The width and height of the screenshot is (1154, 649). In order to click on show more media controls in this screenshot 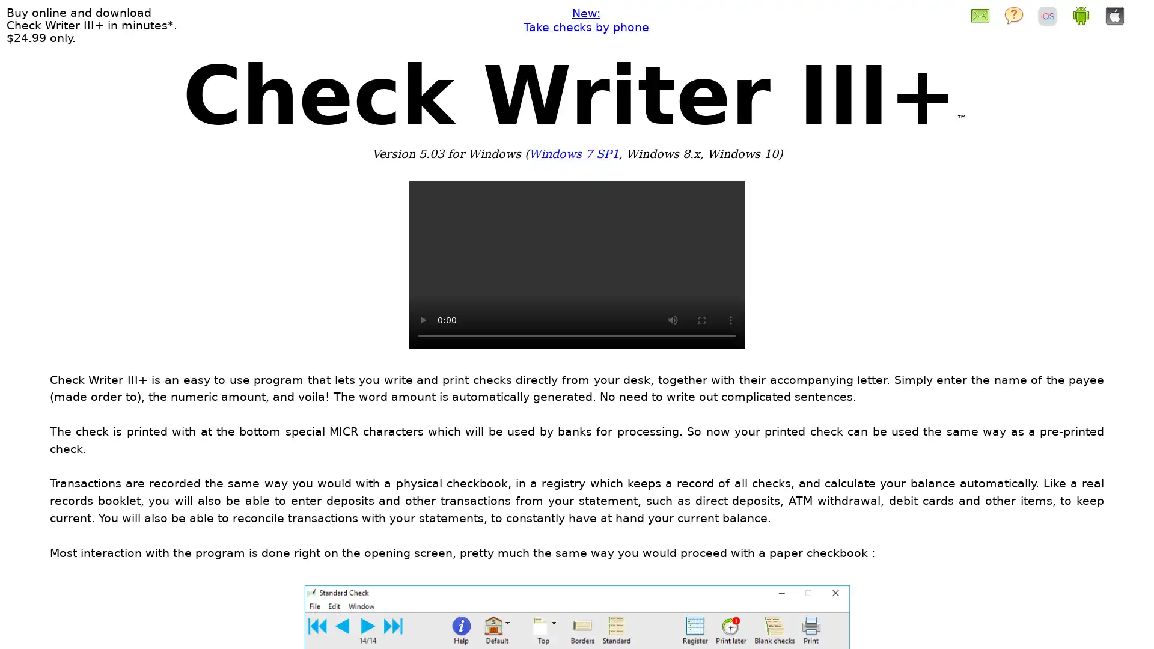, I will do `click(730, 319)`.